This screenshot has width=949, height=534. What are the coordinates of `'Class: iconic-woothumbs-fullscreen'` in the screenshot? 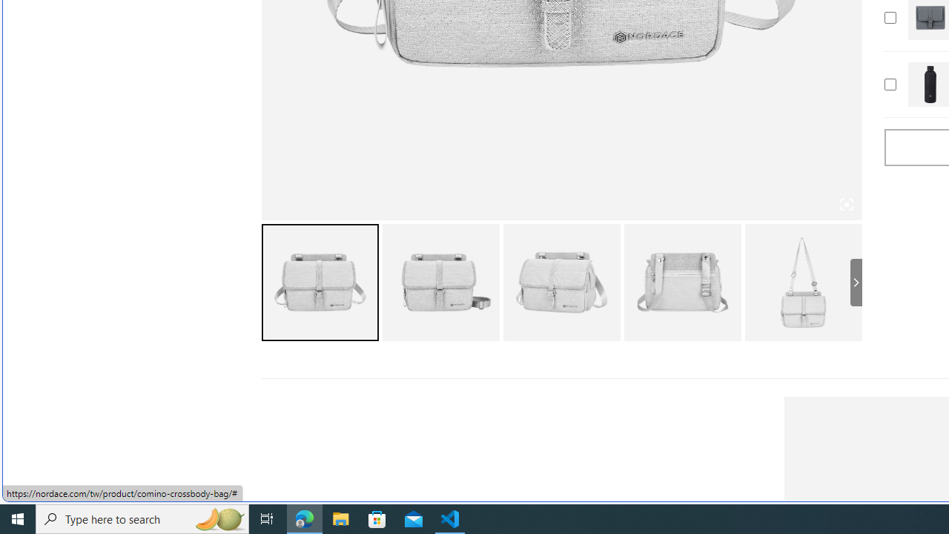 It's located at (846, 205).